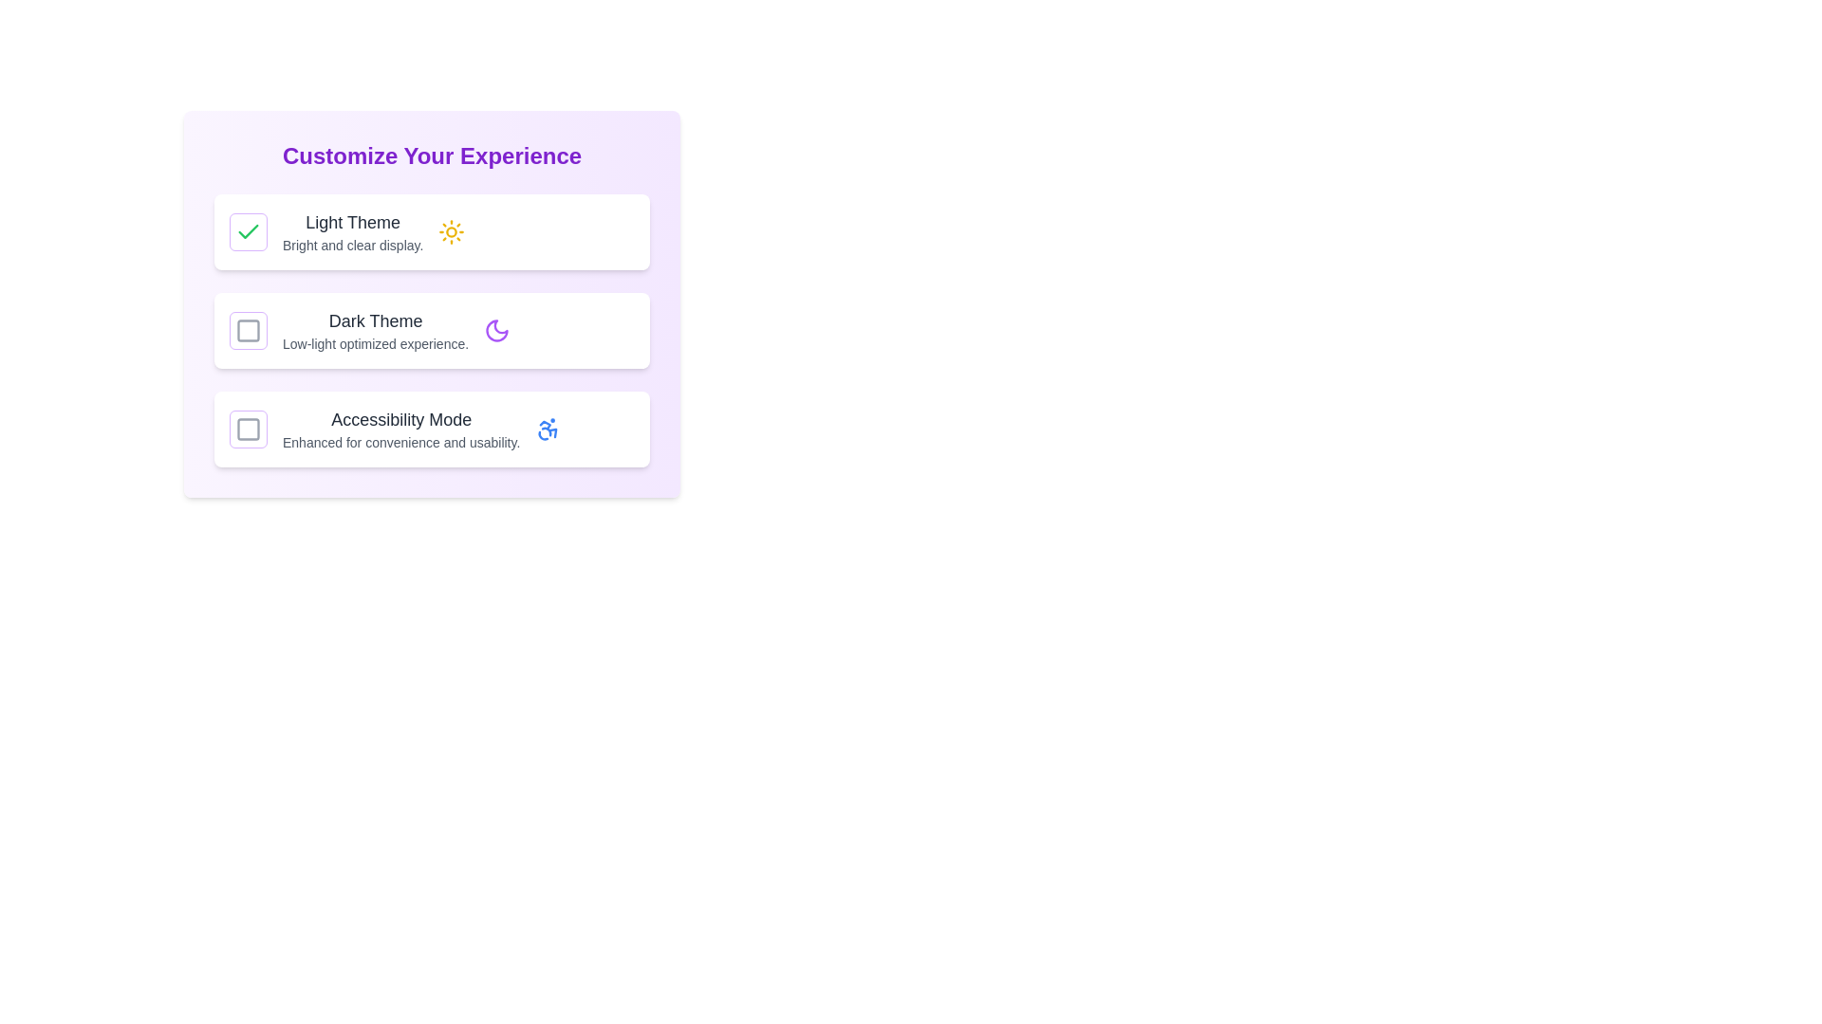  What do you see at coordinates (248, 230) in the screenshot?
I see `the SVG graphic component with a checkmark design indicating that the 'Light Theme' option is selected` at bounding box center [248, 230].